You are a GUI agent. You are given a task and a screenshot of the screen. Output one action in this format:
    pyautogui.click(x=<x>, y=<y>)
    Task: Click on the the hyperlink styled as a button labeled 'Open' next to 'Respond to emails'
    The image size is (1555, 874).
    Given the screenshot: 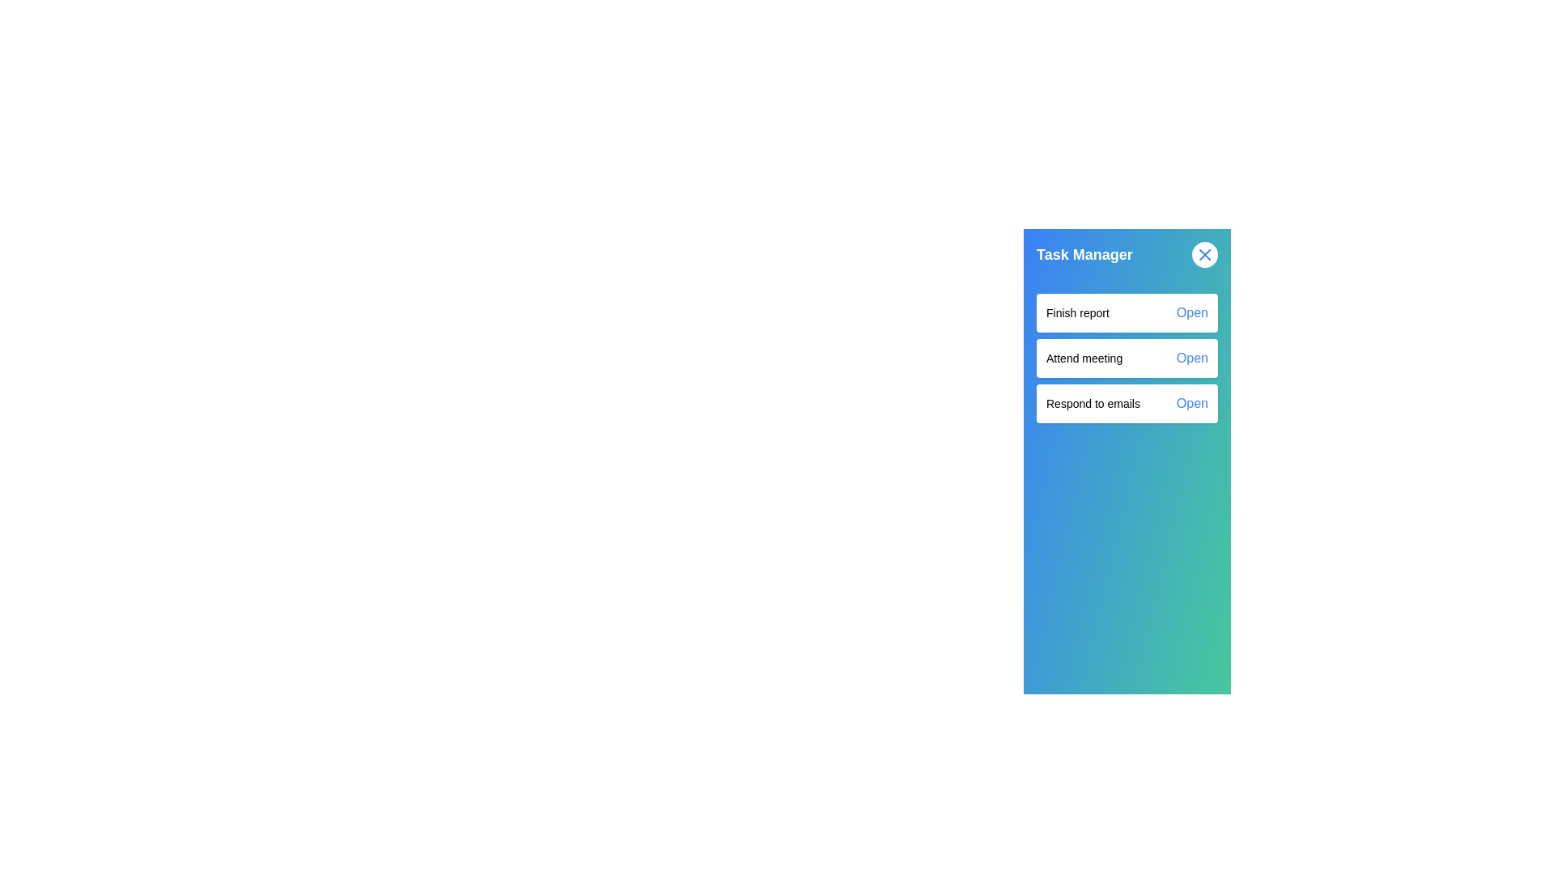 What is the action you would take?
    pyautogui.click(x=1192, y=402)
    